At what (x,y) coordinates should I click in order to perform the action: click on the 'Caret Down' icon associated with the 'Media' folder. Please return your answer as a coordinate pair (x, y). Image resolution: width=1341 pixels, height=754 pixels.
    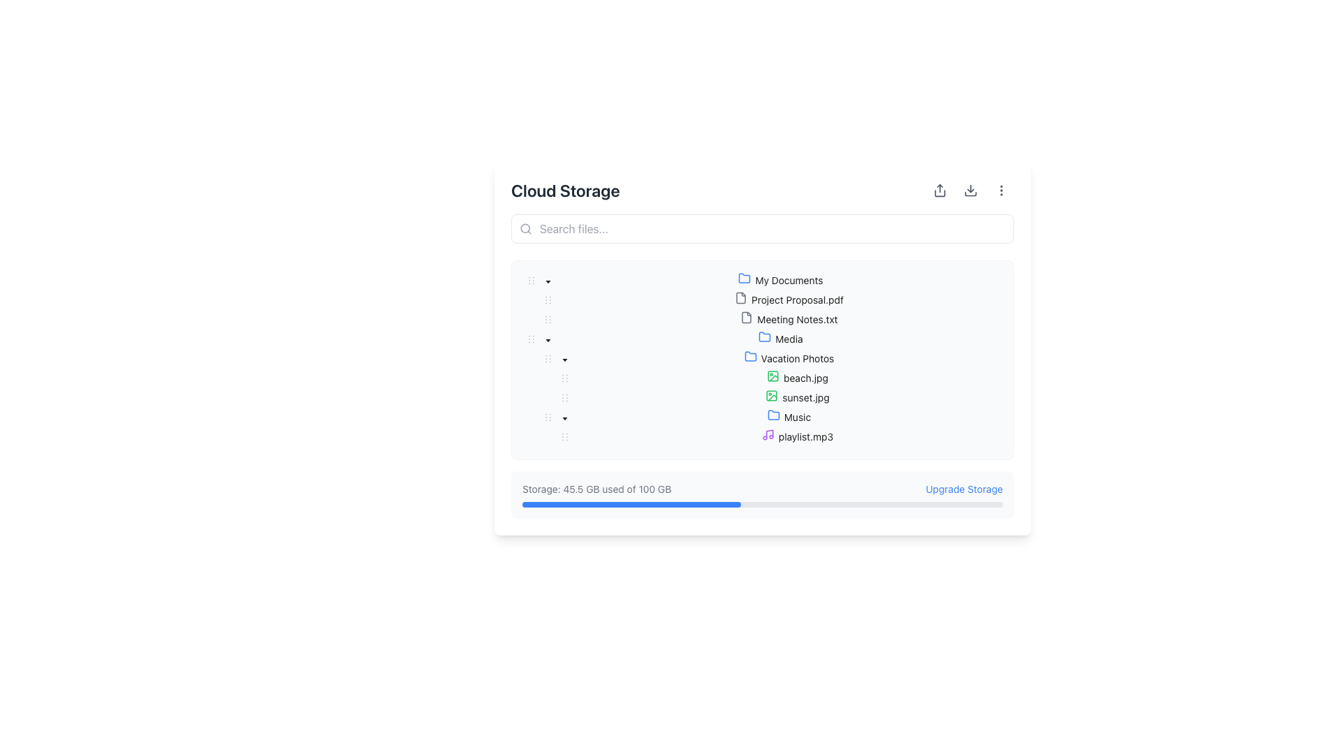
    Looking at the image, I should click on (565, 360).